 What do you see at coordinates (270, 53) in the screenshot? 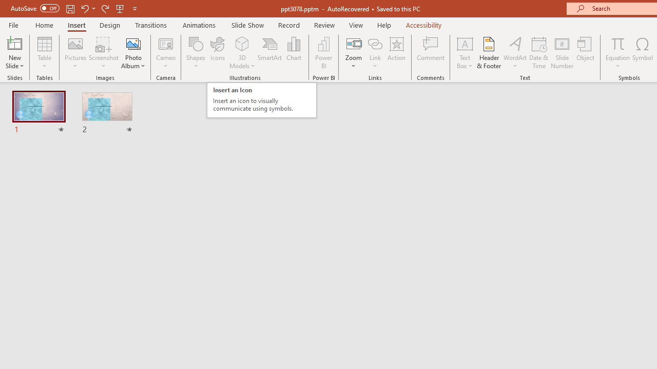
I see `'SmartArt...'` at bounding box center [270, 53].